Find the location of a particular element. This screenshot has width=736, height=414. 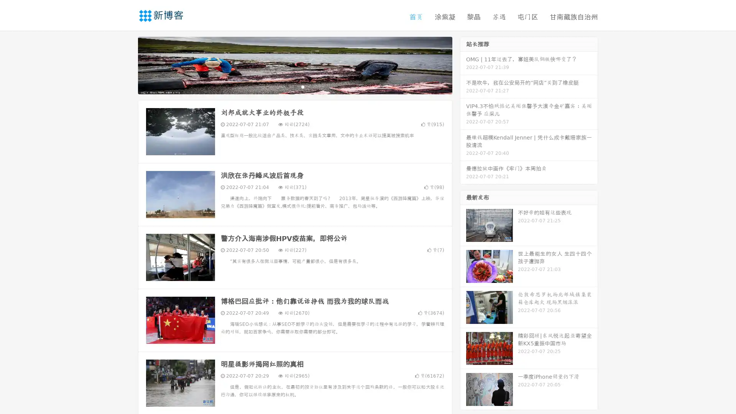

Go to slide 3 is located at coordinates (302, 86).